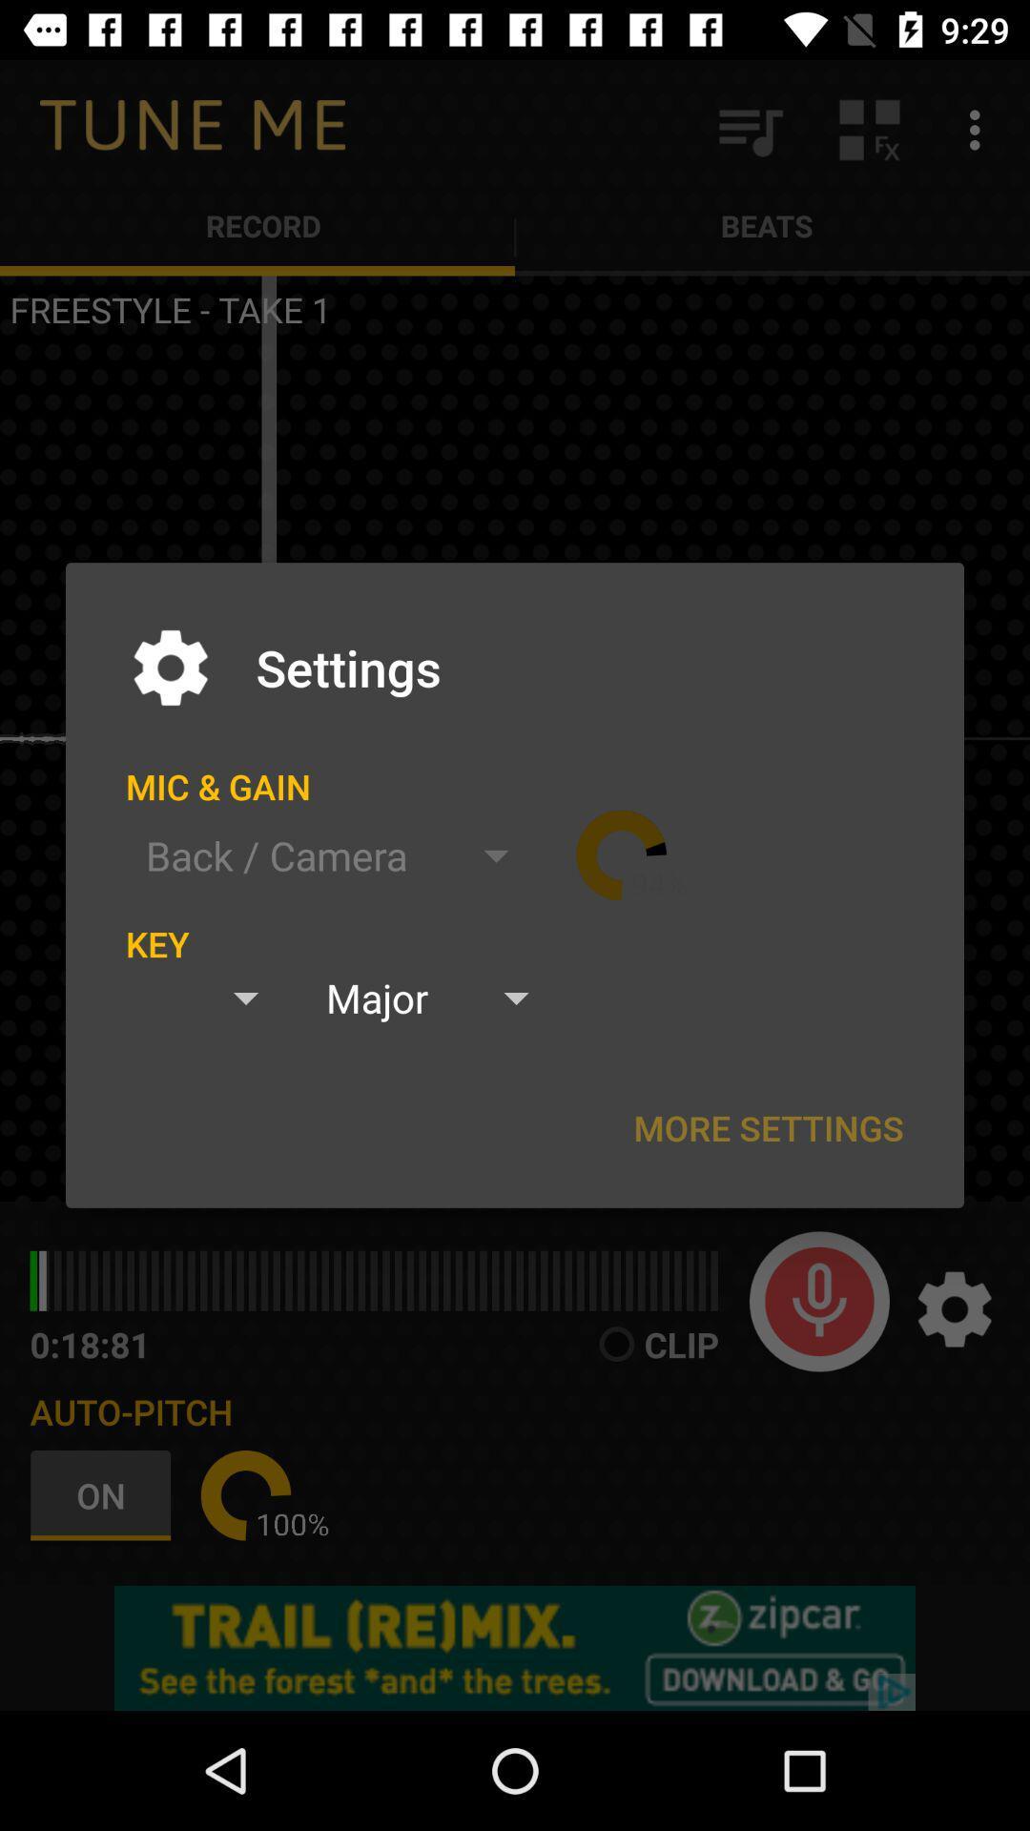 This screenshot has height=1831, width=1030. I want to click on the settings icon, so click(955, 1308).